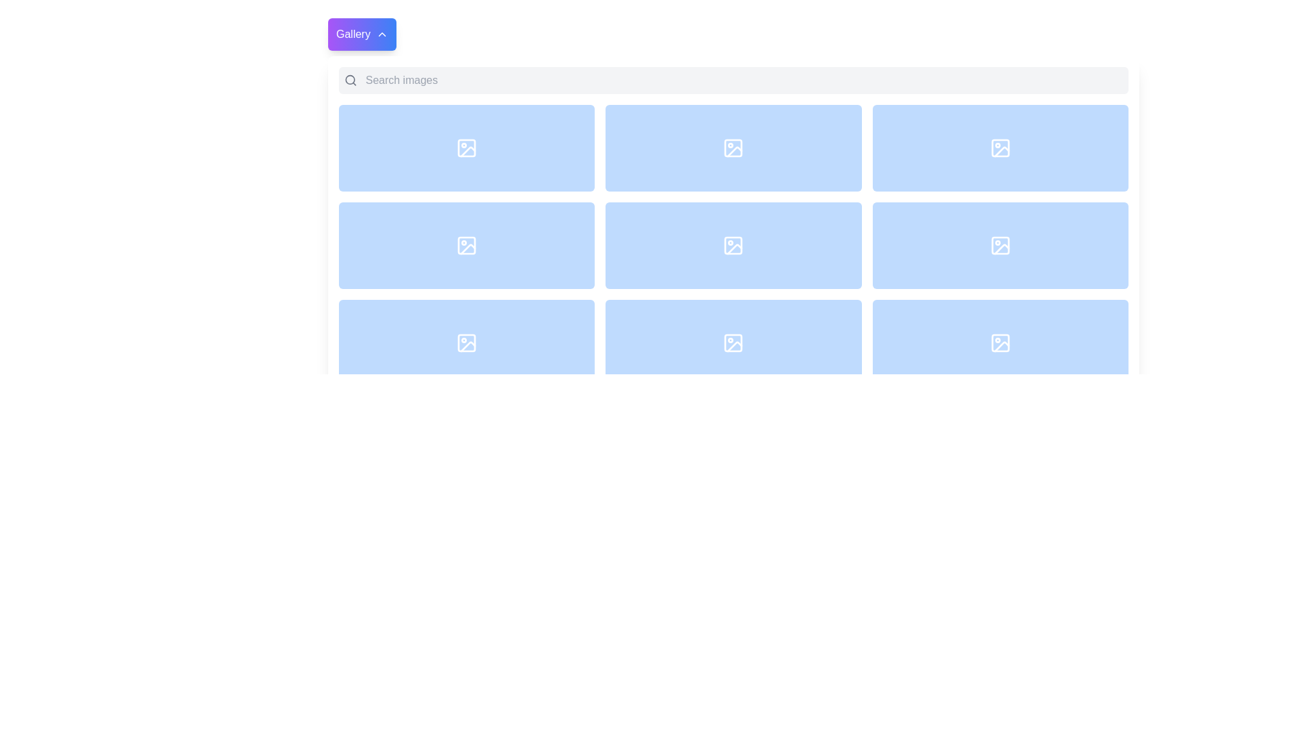  I want to click on the image placeholder icon located centrally in the middle box of a three-by-three grid layout with a rounded border and shaded blue background, so click(467, 245).